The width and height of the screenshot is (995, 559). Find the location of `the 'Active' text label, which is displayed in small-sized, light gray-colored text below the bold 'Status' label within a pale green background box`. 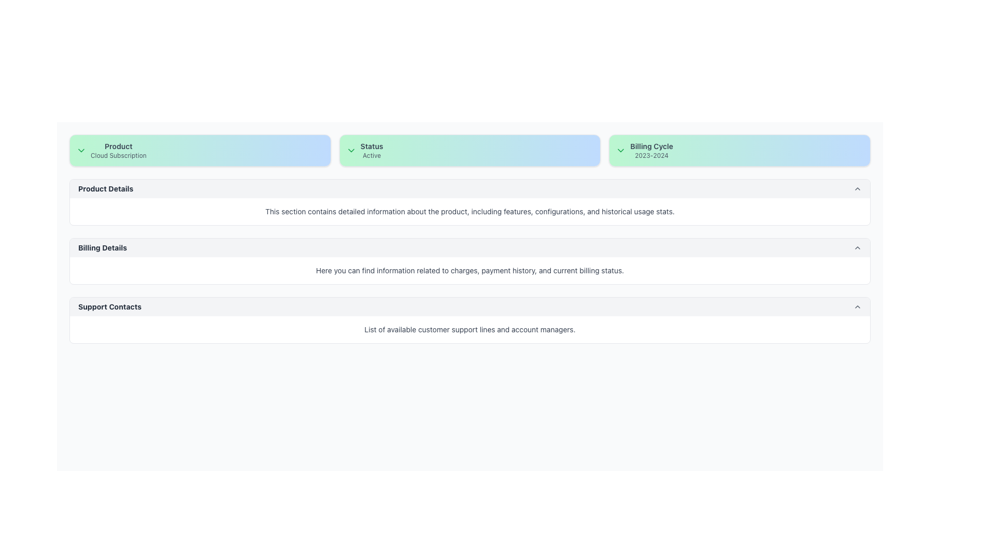

the 'Active' text label, which is displayed in small-sized, light gray-colored text below the bold 'Status' label within a pale green background box is located at coordinates (372, 155).